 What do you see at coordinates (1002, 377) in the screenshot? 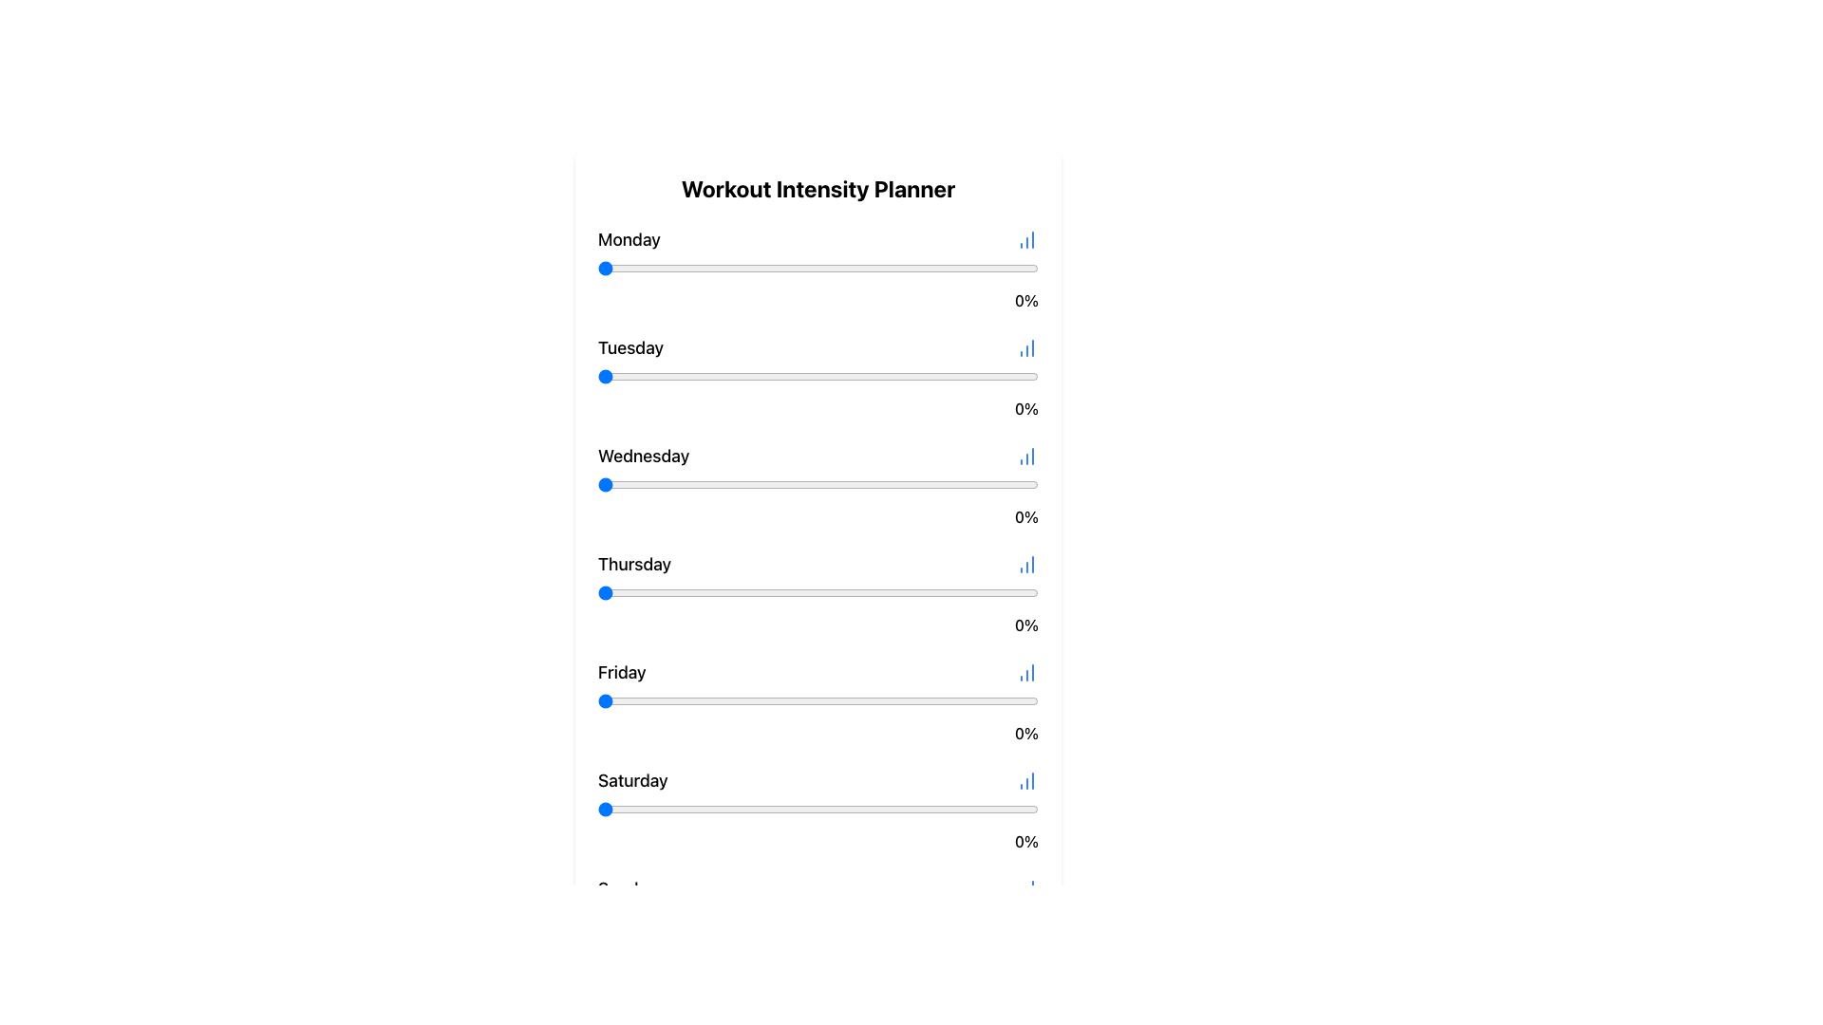
I see `the Tuesday intensity level` at bounding box center [1002, 377].